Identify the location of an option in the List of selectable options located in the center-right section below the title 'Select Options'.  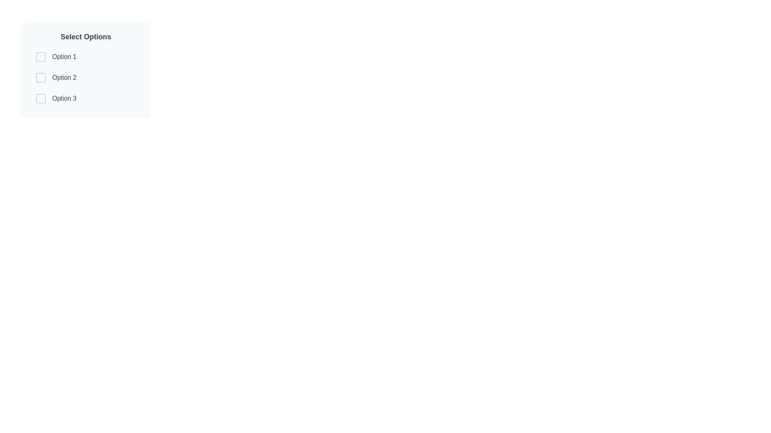
(86, 77).